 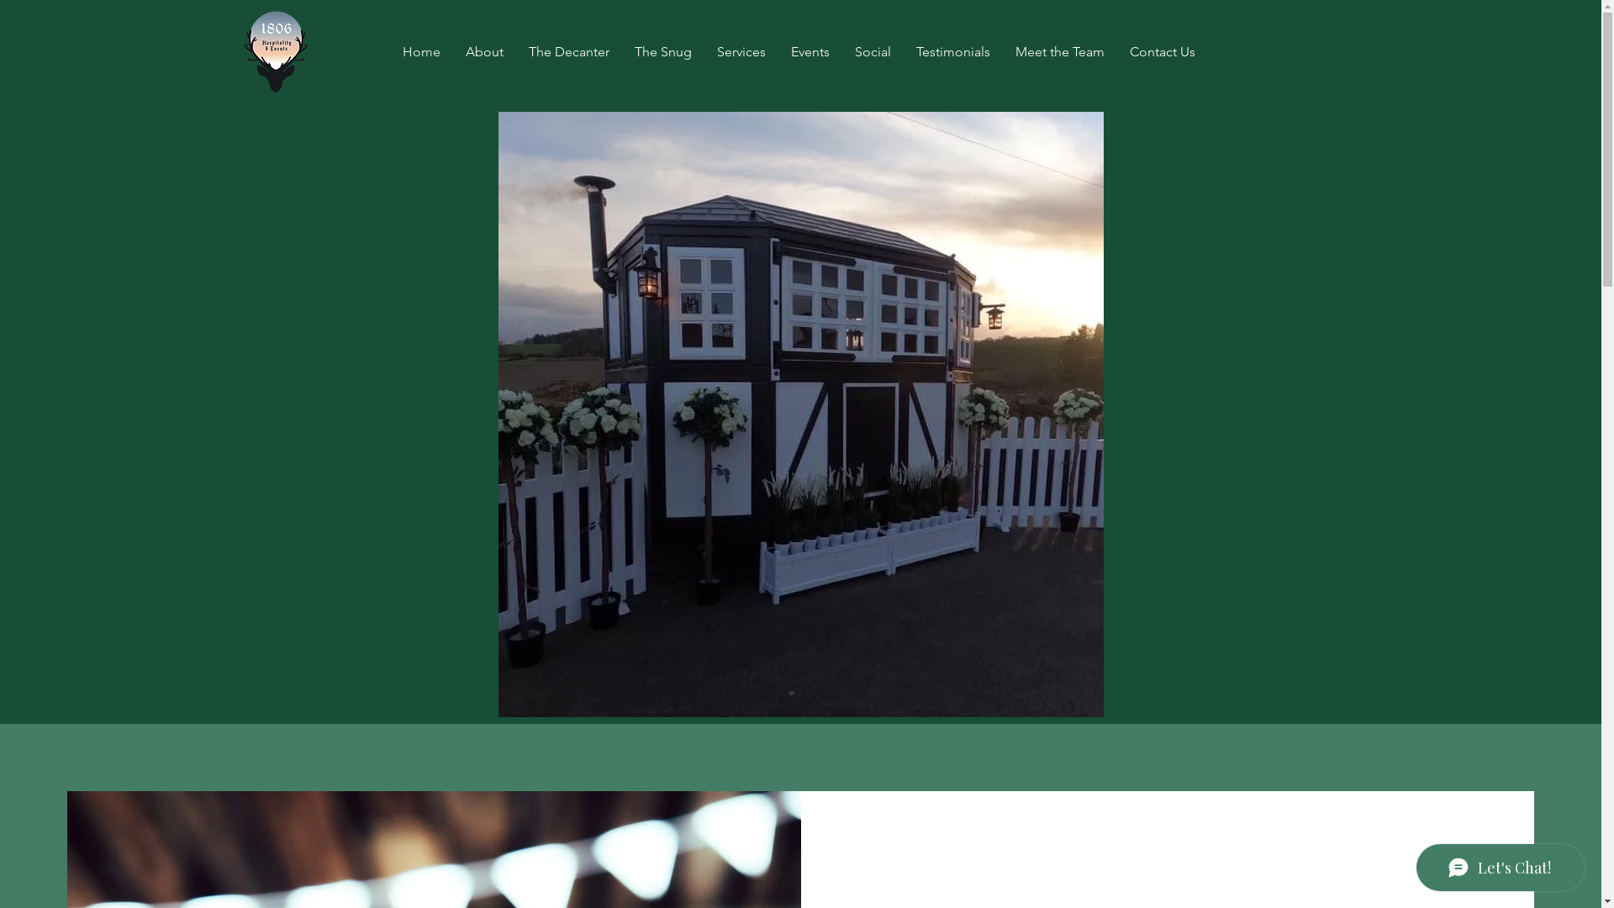 What do you see at coordinates (662, 50) in the screenshot?
I see `'The Snug'` at bounding box center [662, 50].